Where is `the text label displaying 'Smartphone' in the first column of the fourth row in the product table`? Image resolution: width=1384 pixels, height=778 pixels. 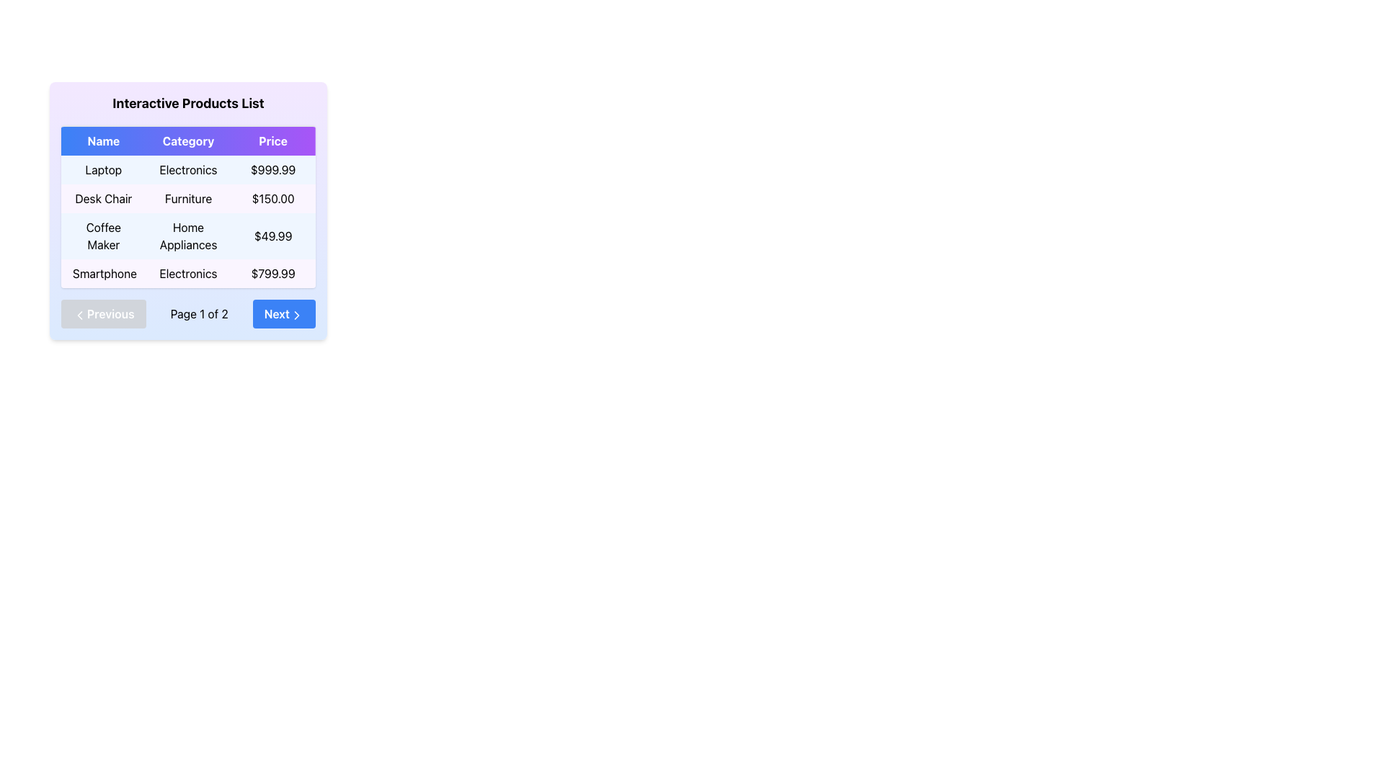
the text label displaying 'Smartphone' in the first column of the fourth row in the product table is located at coordinates (102, 274).